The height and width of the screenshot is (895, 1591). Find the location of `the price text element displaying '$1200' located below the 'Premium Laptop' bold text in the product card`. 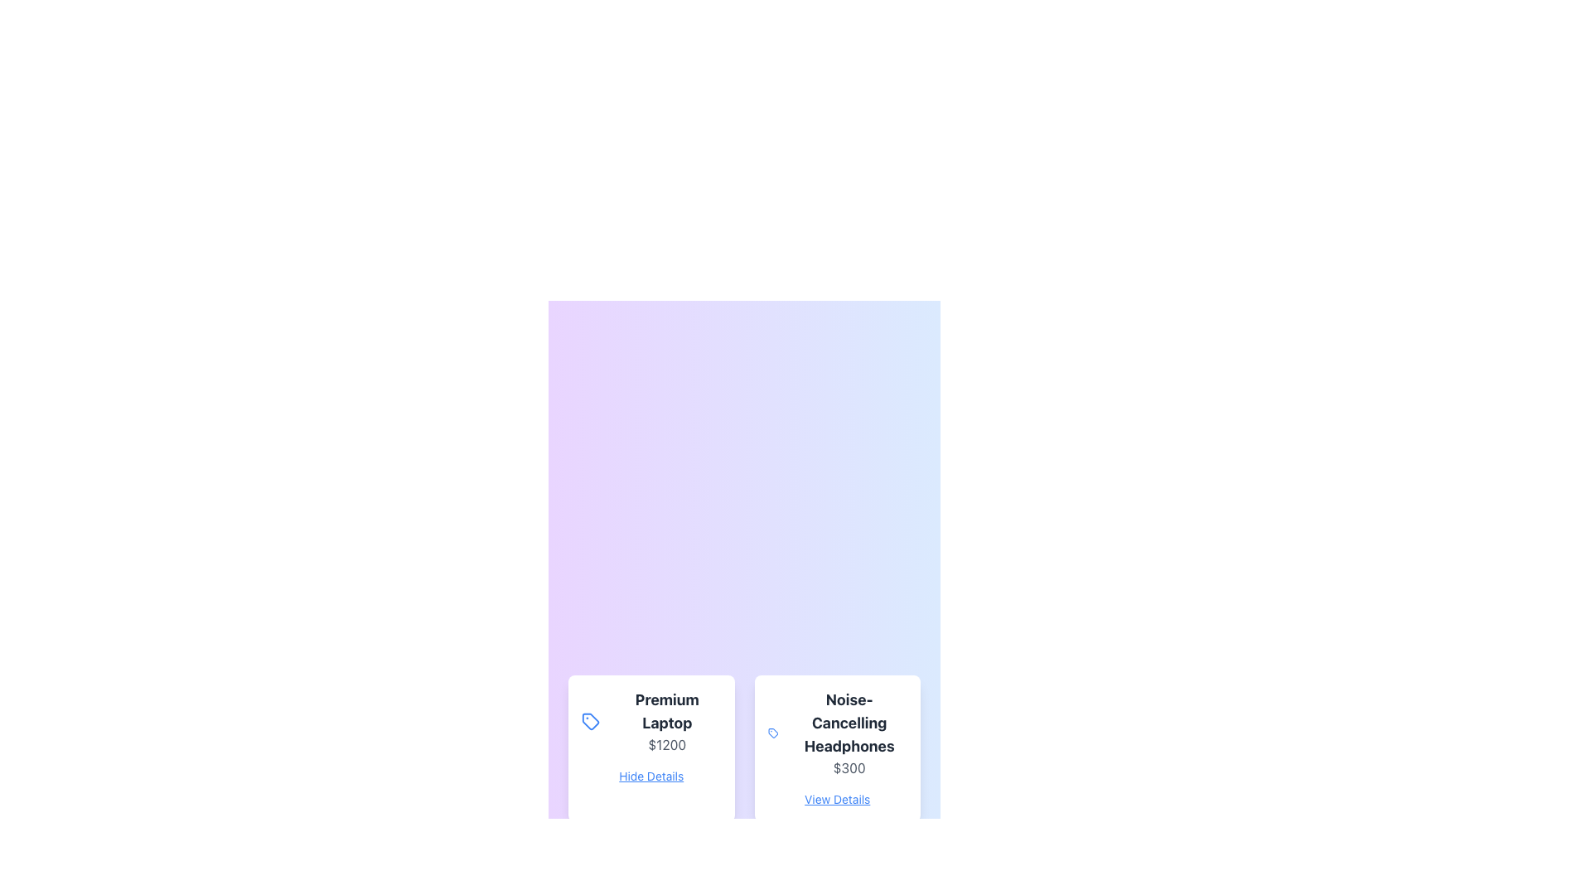

the price text element displaying '$1200' located below the 'Premium Laptop' bold text in the product card is located at coordinates (667, 743).